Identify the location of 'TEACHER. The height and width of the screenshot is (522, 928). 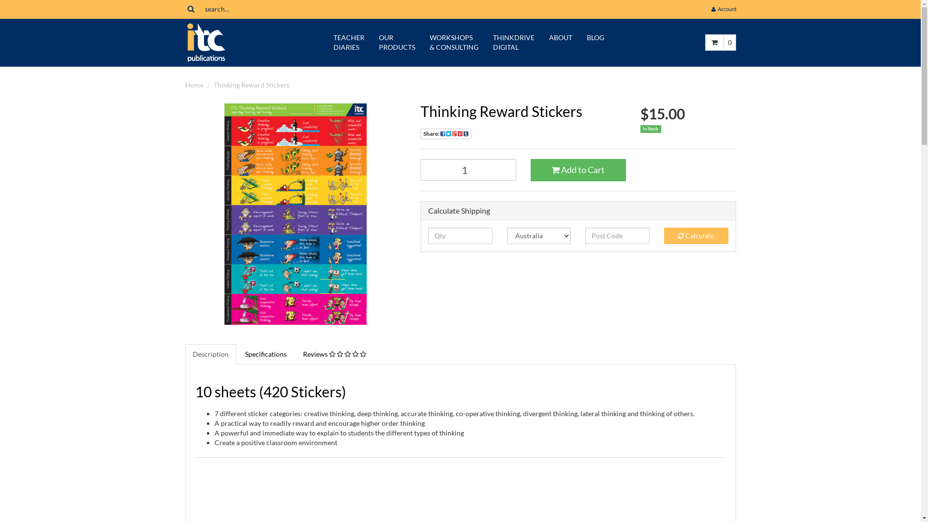
(348, 42).